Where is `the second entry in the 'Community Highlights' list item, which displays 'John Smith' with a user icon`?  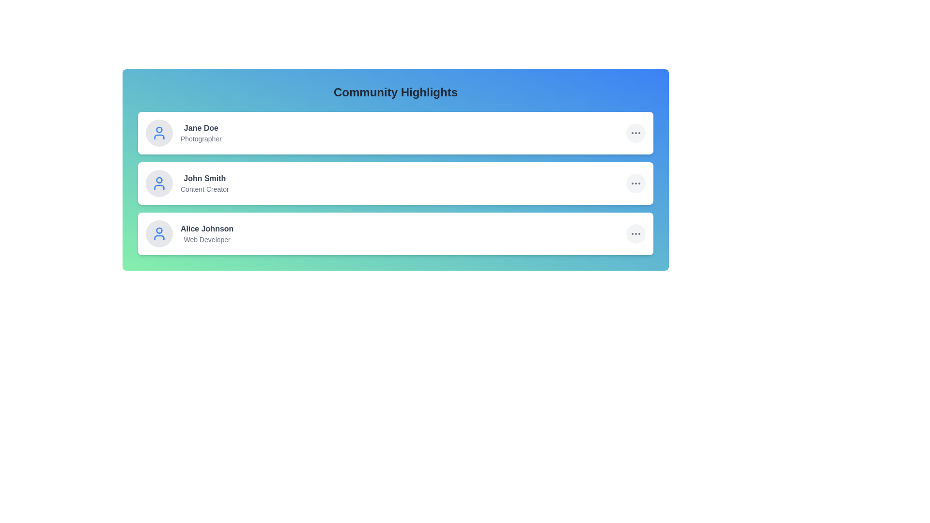 the second entry in the 'Community Highlights' list item, which displays 'John Smith' with a user icon is located at coordinates (187, 183).